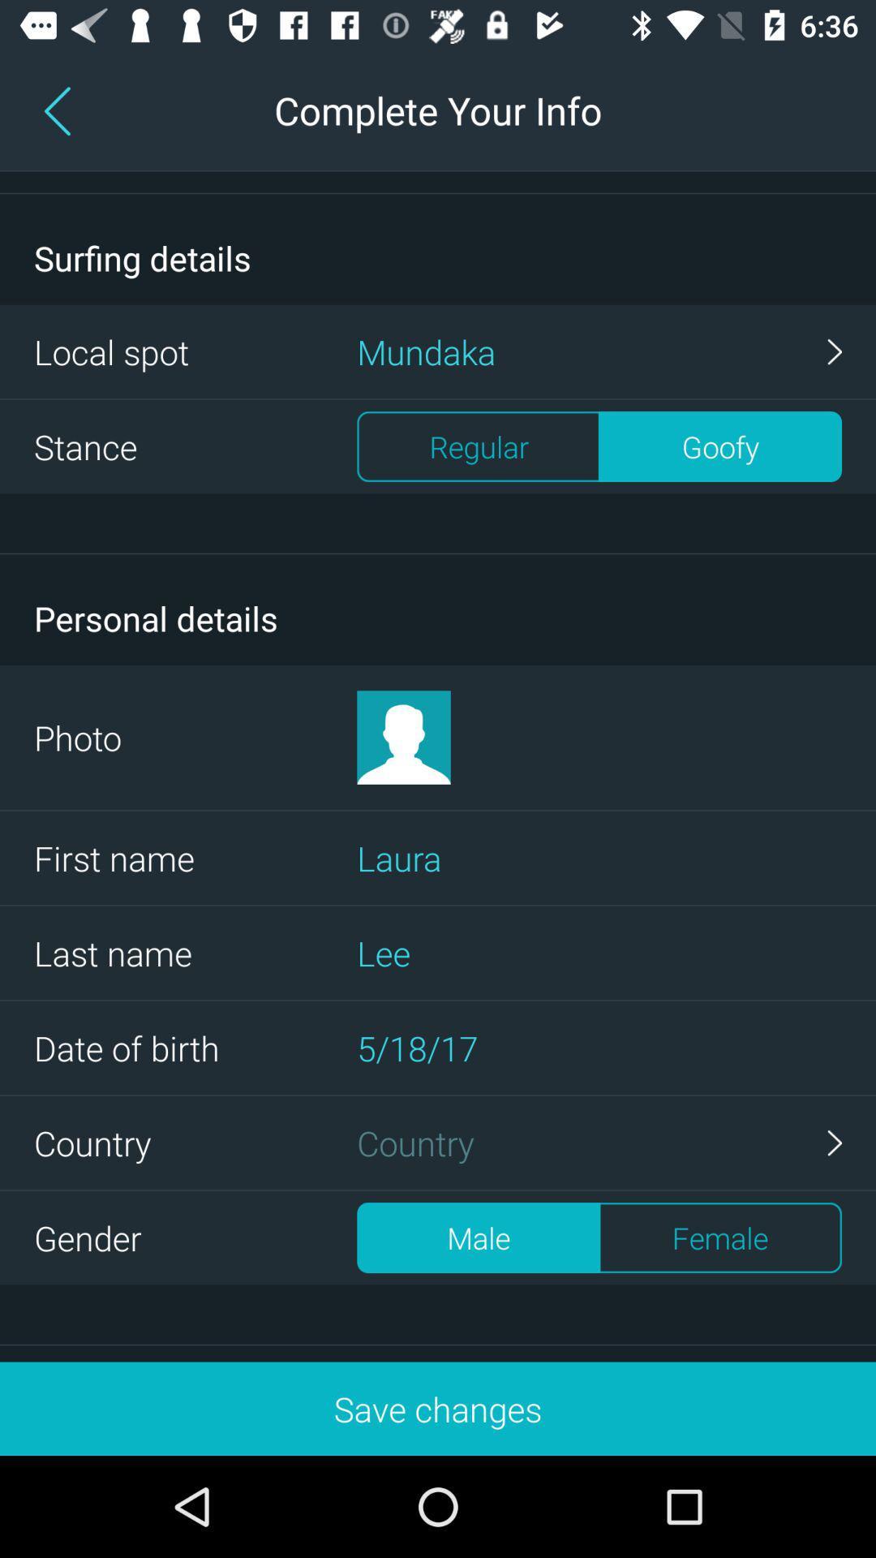  What do you see at coordinates (60, 110) in the screenshot?
I see `go back` at bounding box center [60, 110].